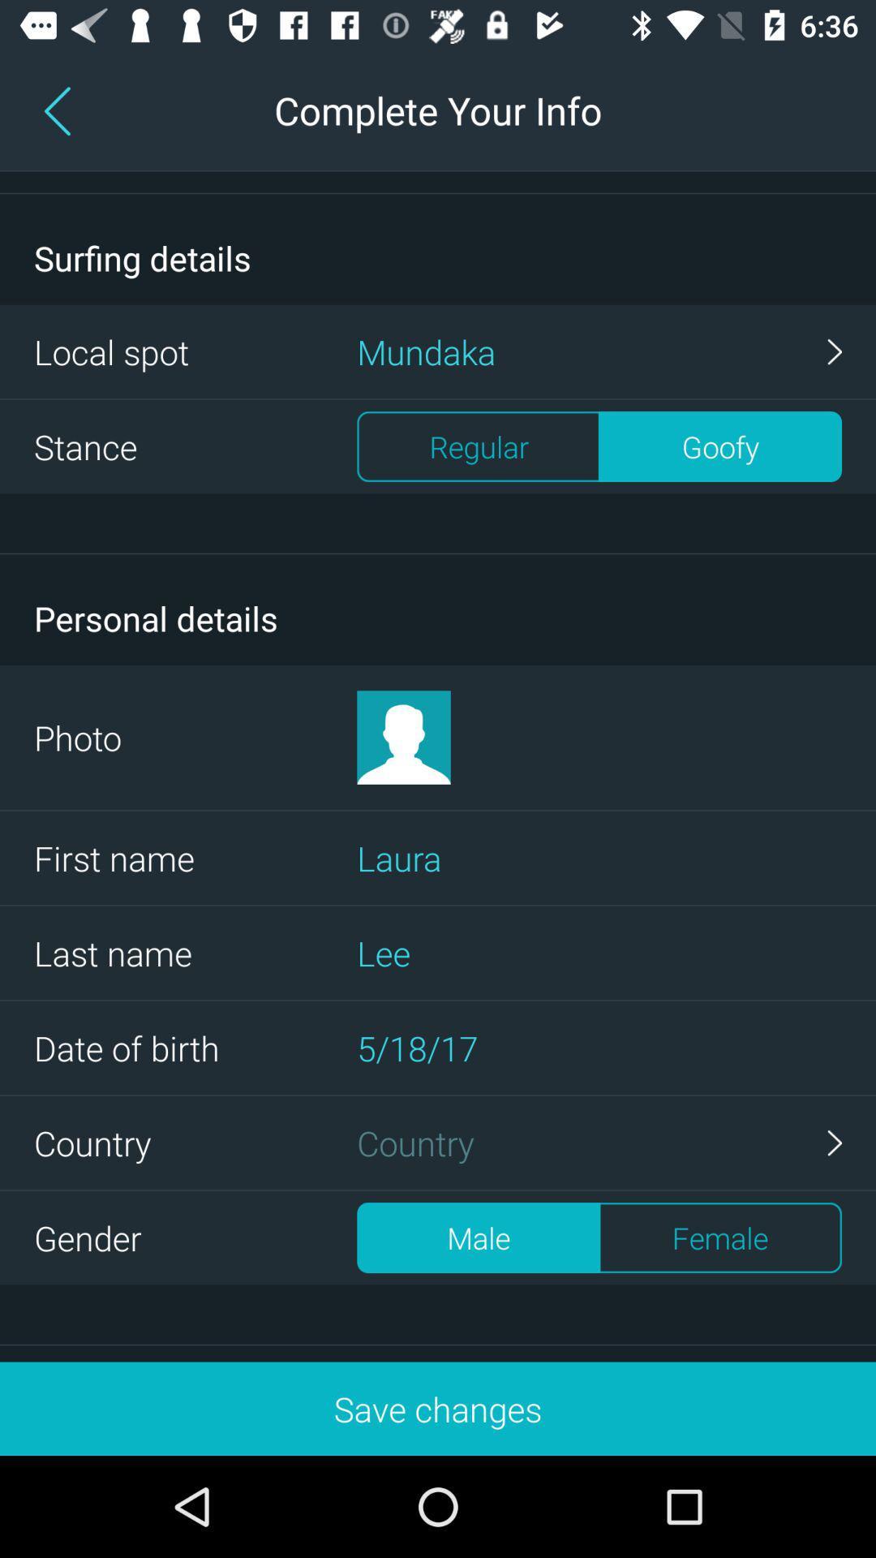  What do you see at coordinates (60, 110) in the screenshot?
I see `go back` at bounding box center [60, 110].